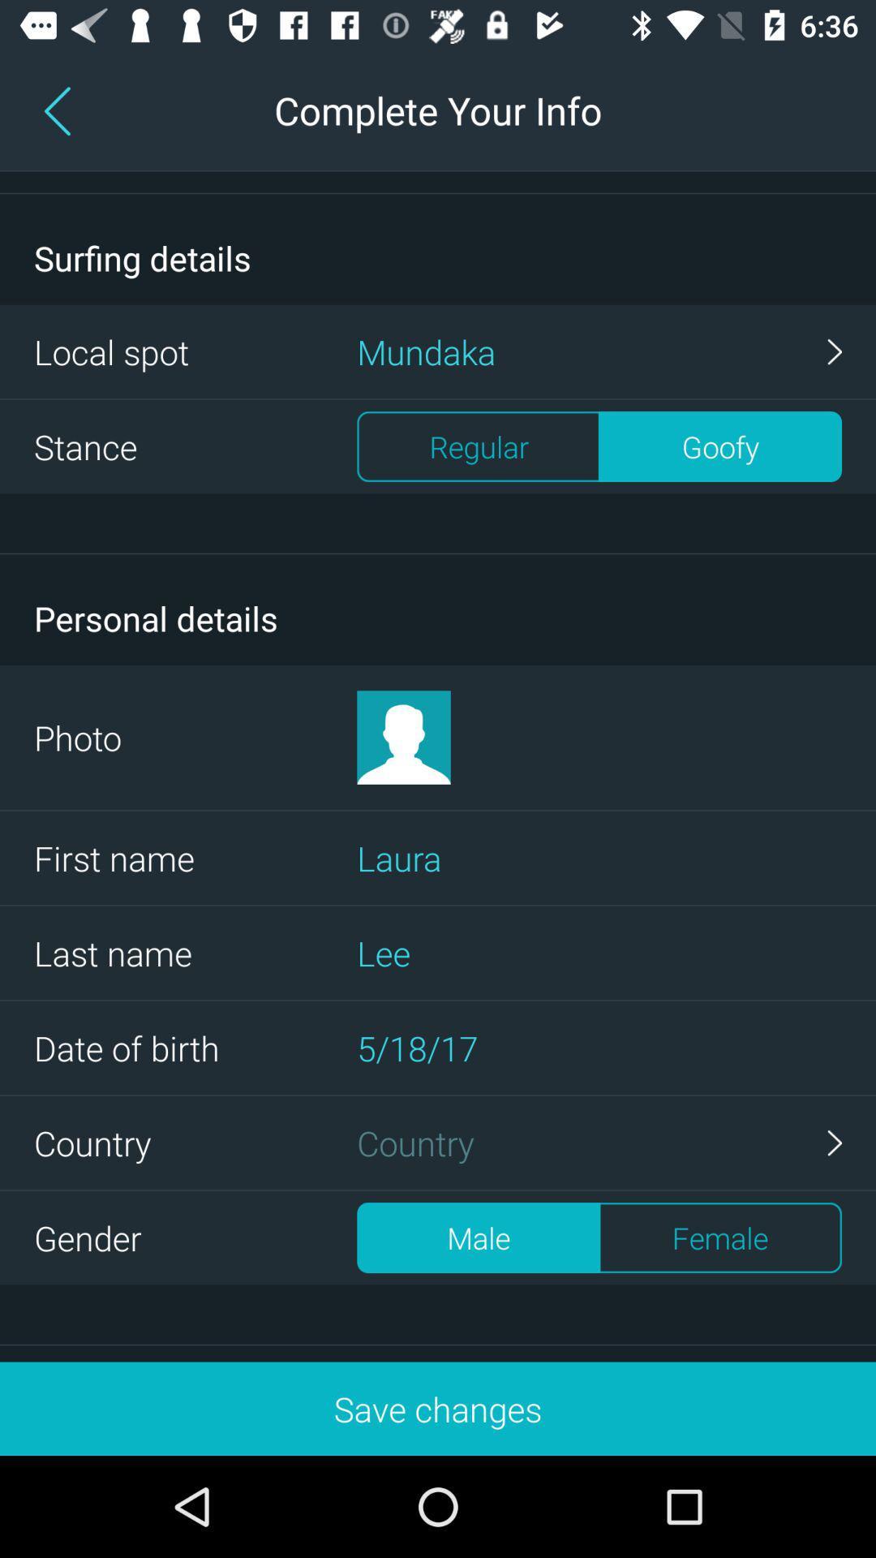  What do you see at coordinates (60, 110) in the screenshot?
I see `go back` at bounding box center [60, 110].